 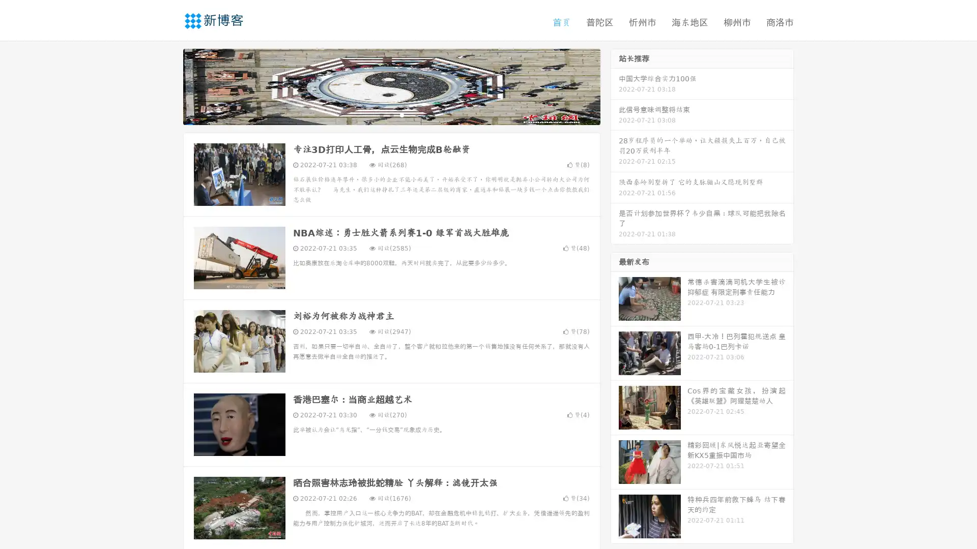 I want to click on Go to slide 2, so click(x=391, y=114).